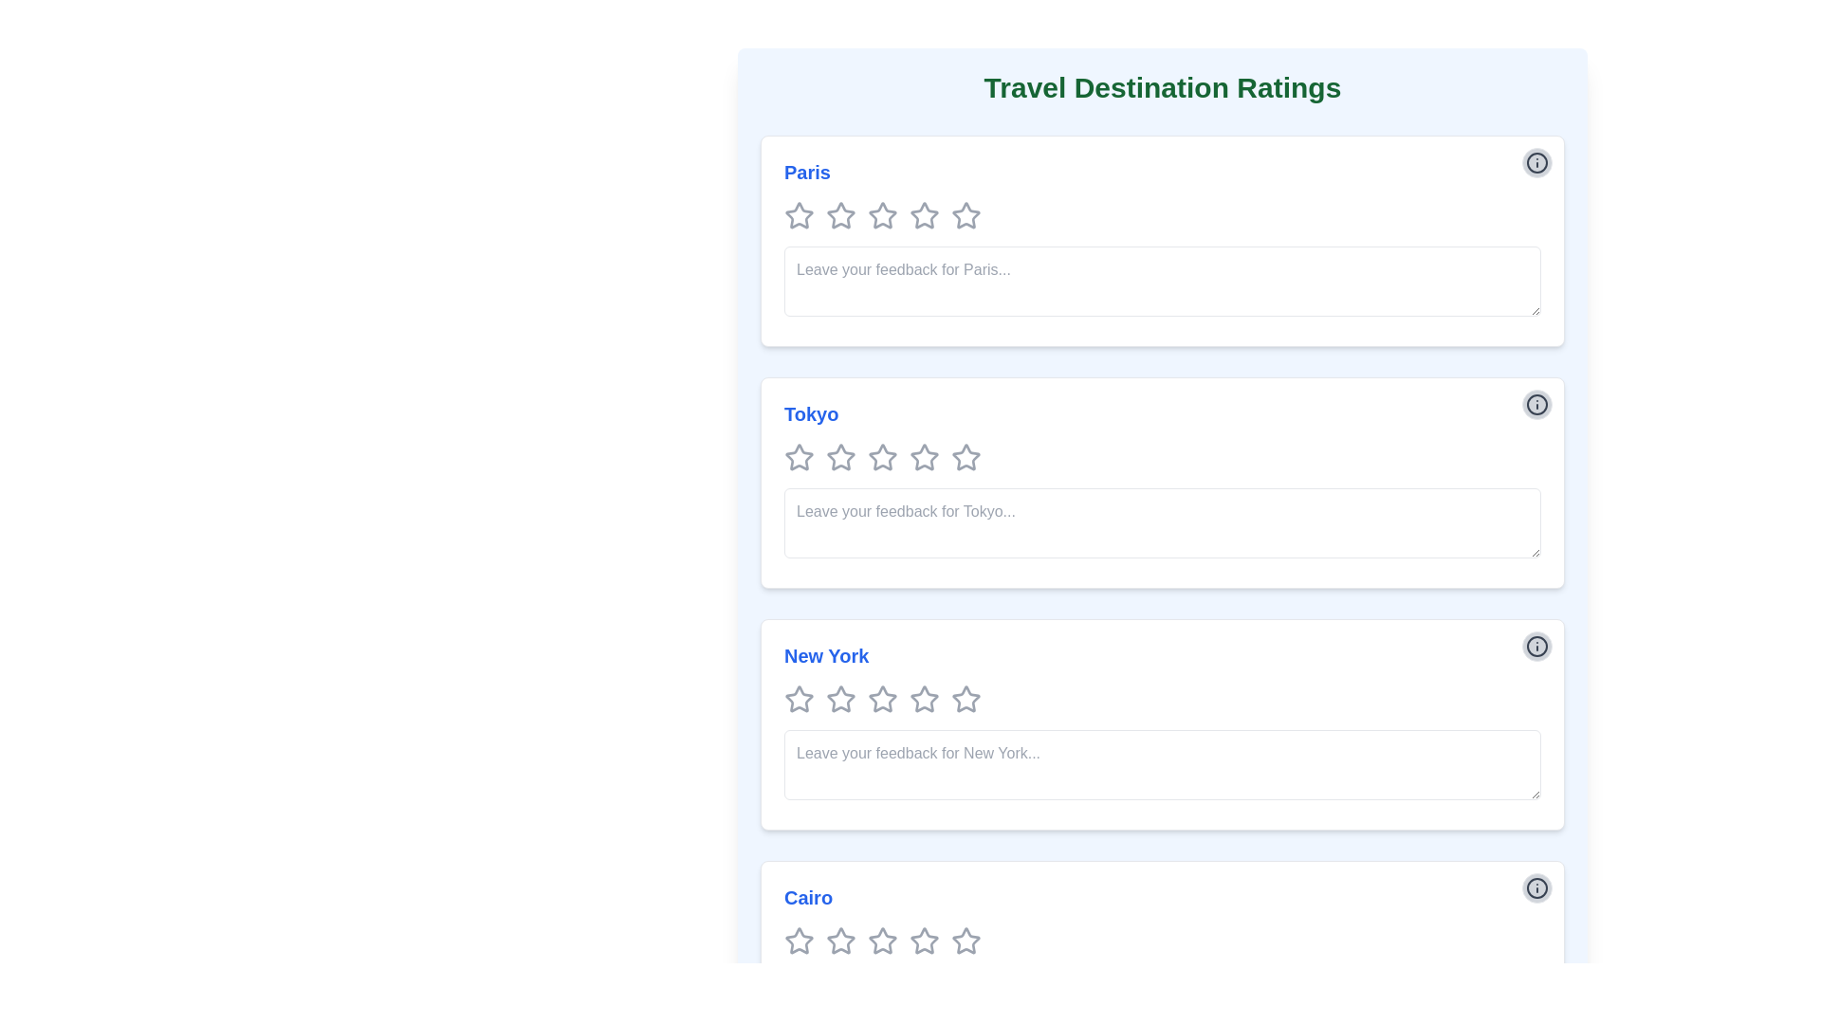 This screenshot has height=1024, width=1821. Describe the element at coordinates (840, 699) in the screenshot. I see `the second star icon in the 5-star rating system under the 'New York' review section to set a 2-star rating` at that location.